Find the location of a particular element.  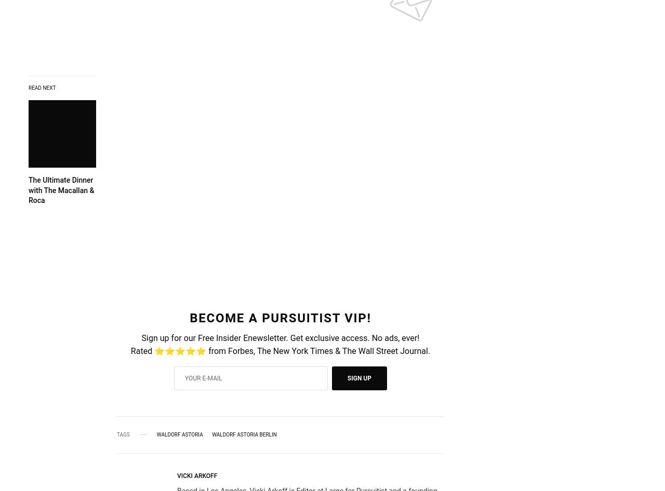

'Tags' is located at coordinates (117, 434).